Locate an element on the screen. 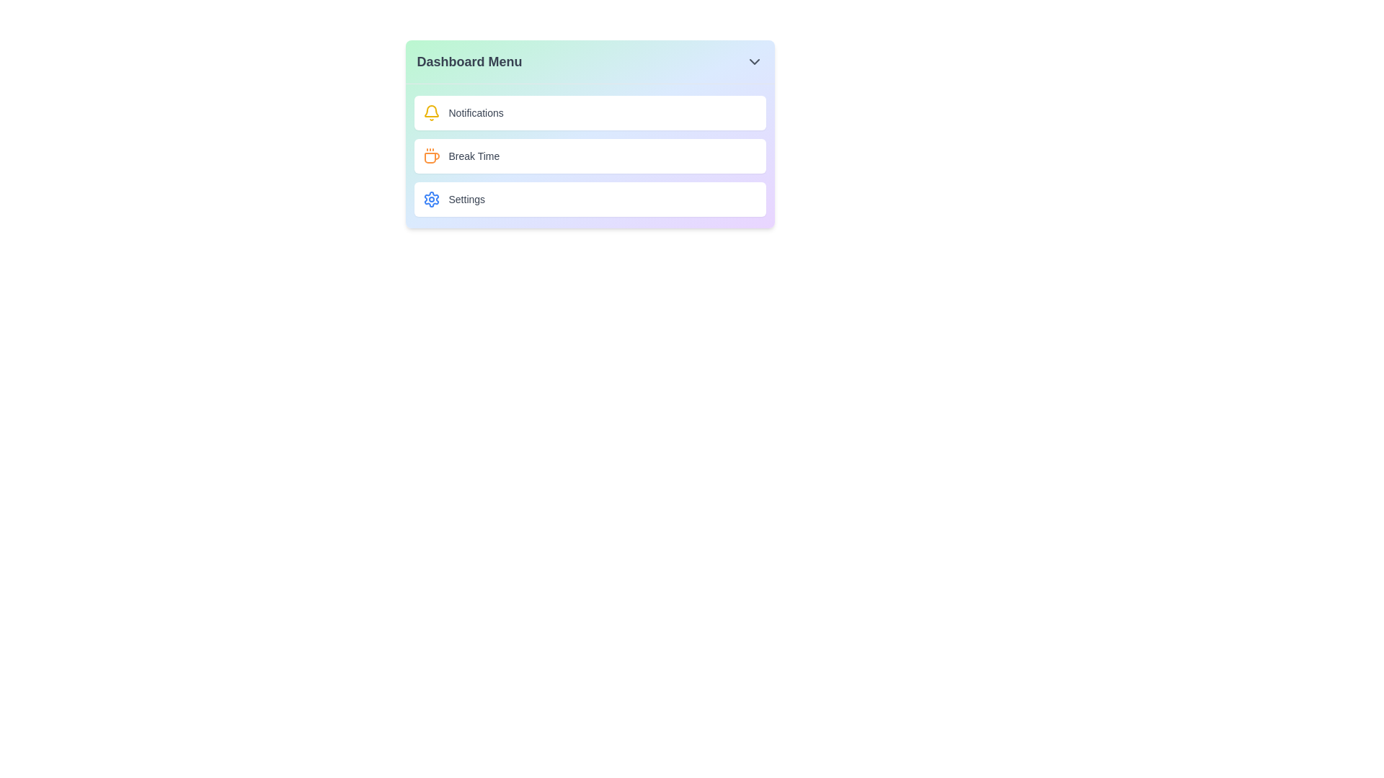 The image size is (1384, 778). the 'Settings' icon located in the third menu item from the top of the vertical menu list in the Dashboard Menu is located at coordinates (430, 200).